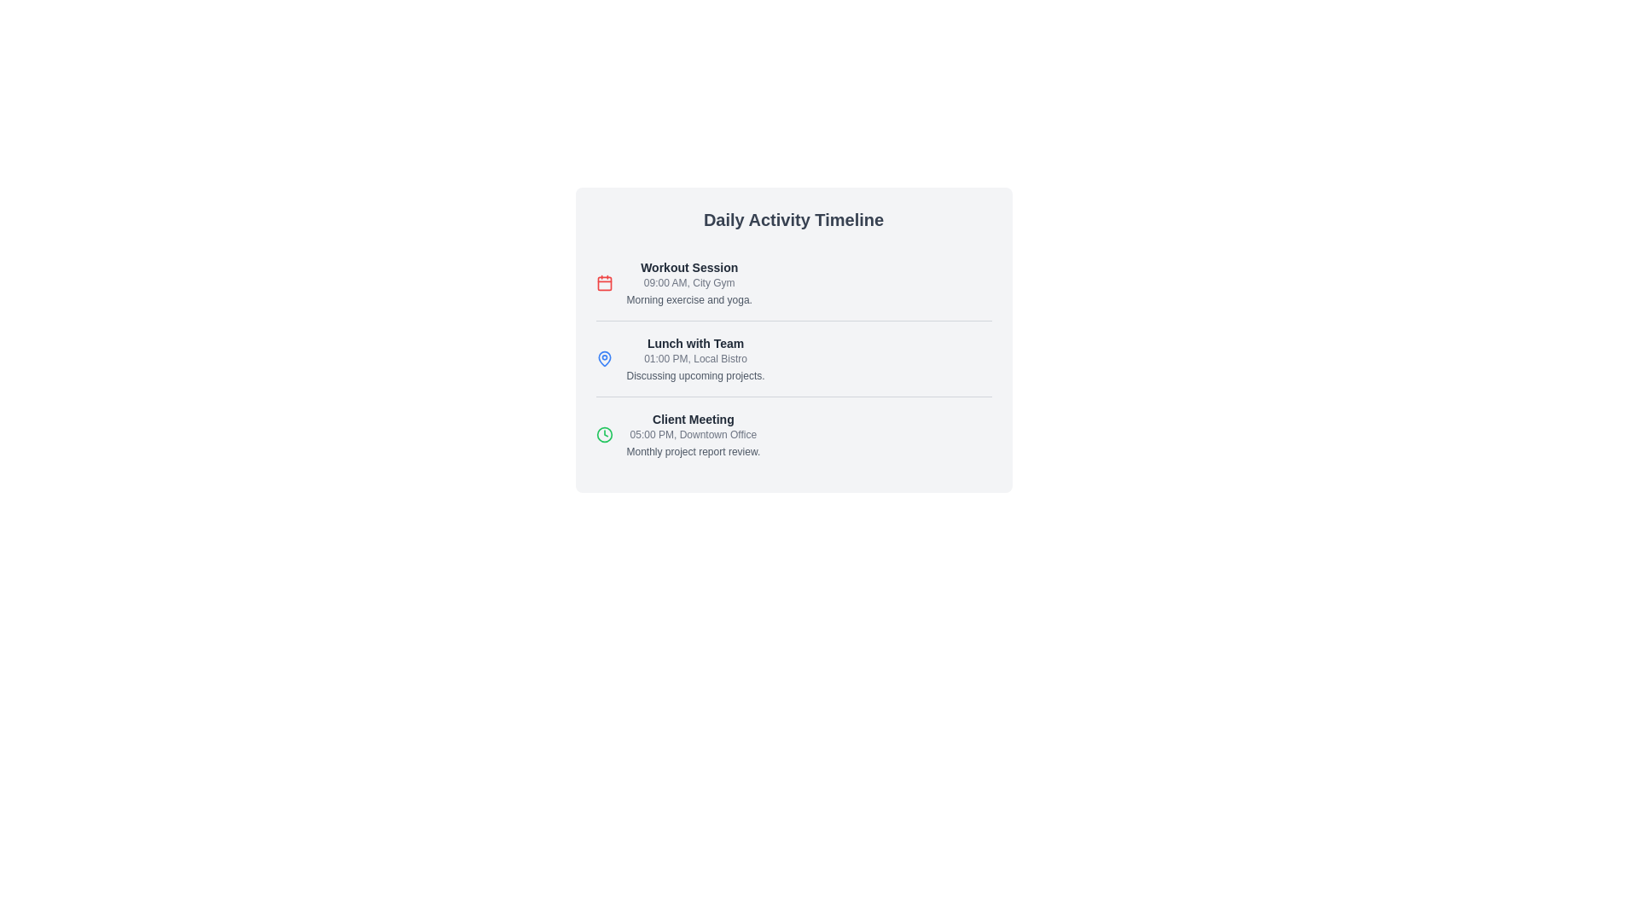  I want to click on text label containing '09:00 AM, City Gym', located under the bold header 'Workout Session' in the 'Daily Activity Timeline' panel, so click(689, 281).